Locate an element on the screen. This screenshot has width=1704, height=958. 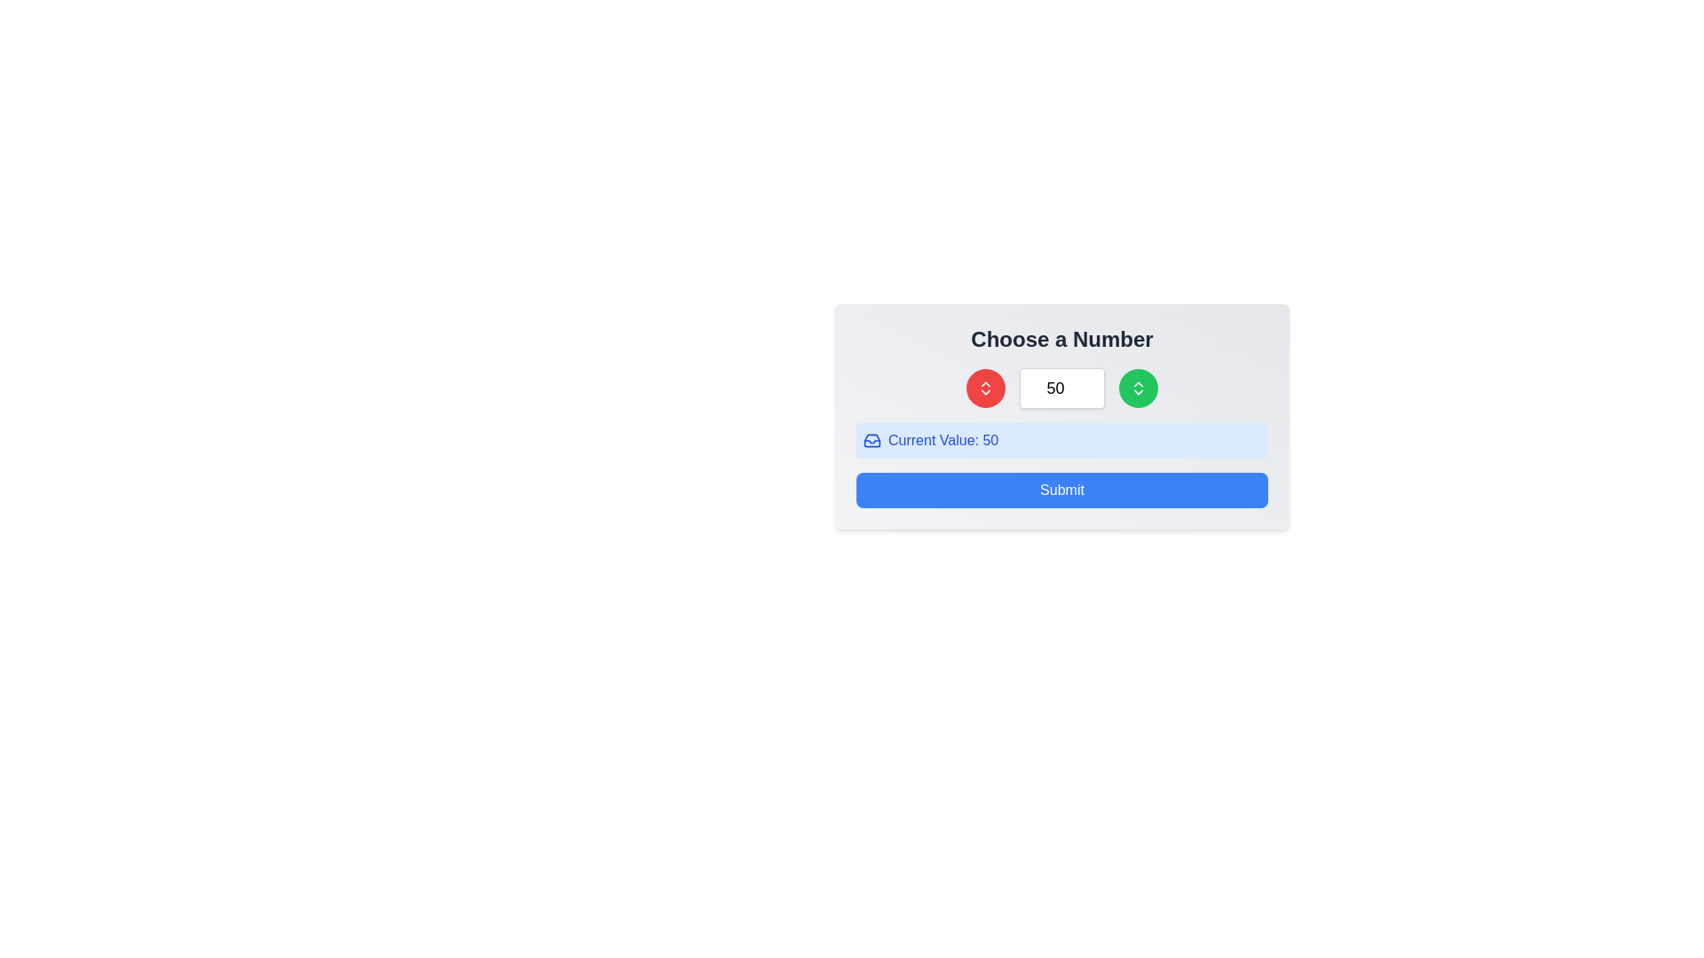
the green circular button containing the SVG icon is located at coordinates (1138, 388).